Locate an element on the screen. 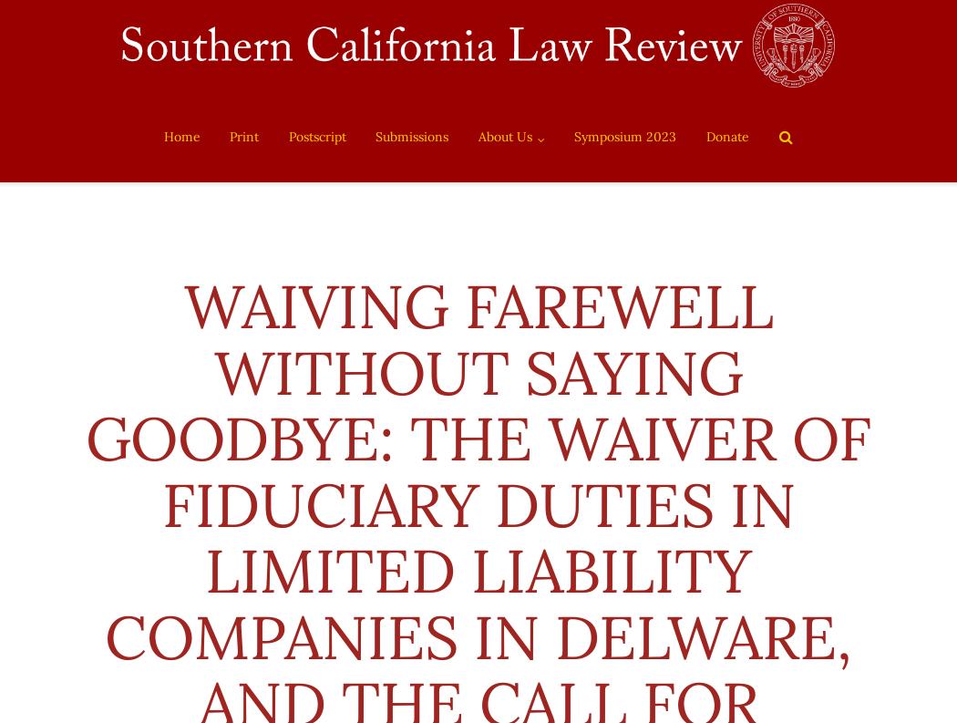  'Print' is located at coordinates (242, 137).